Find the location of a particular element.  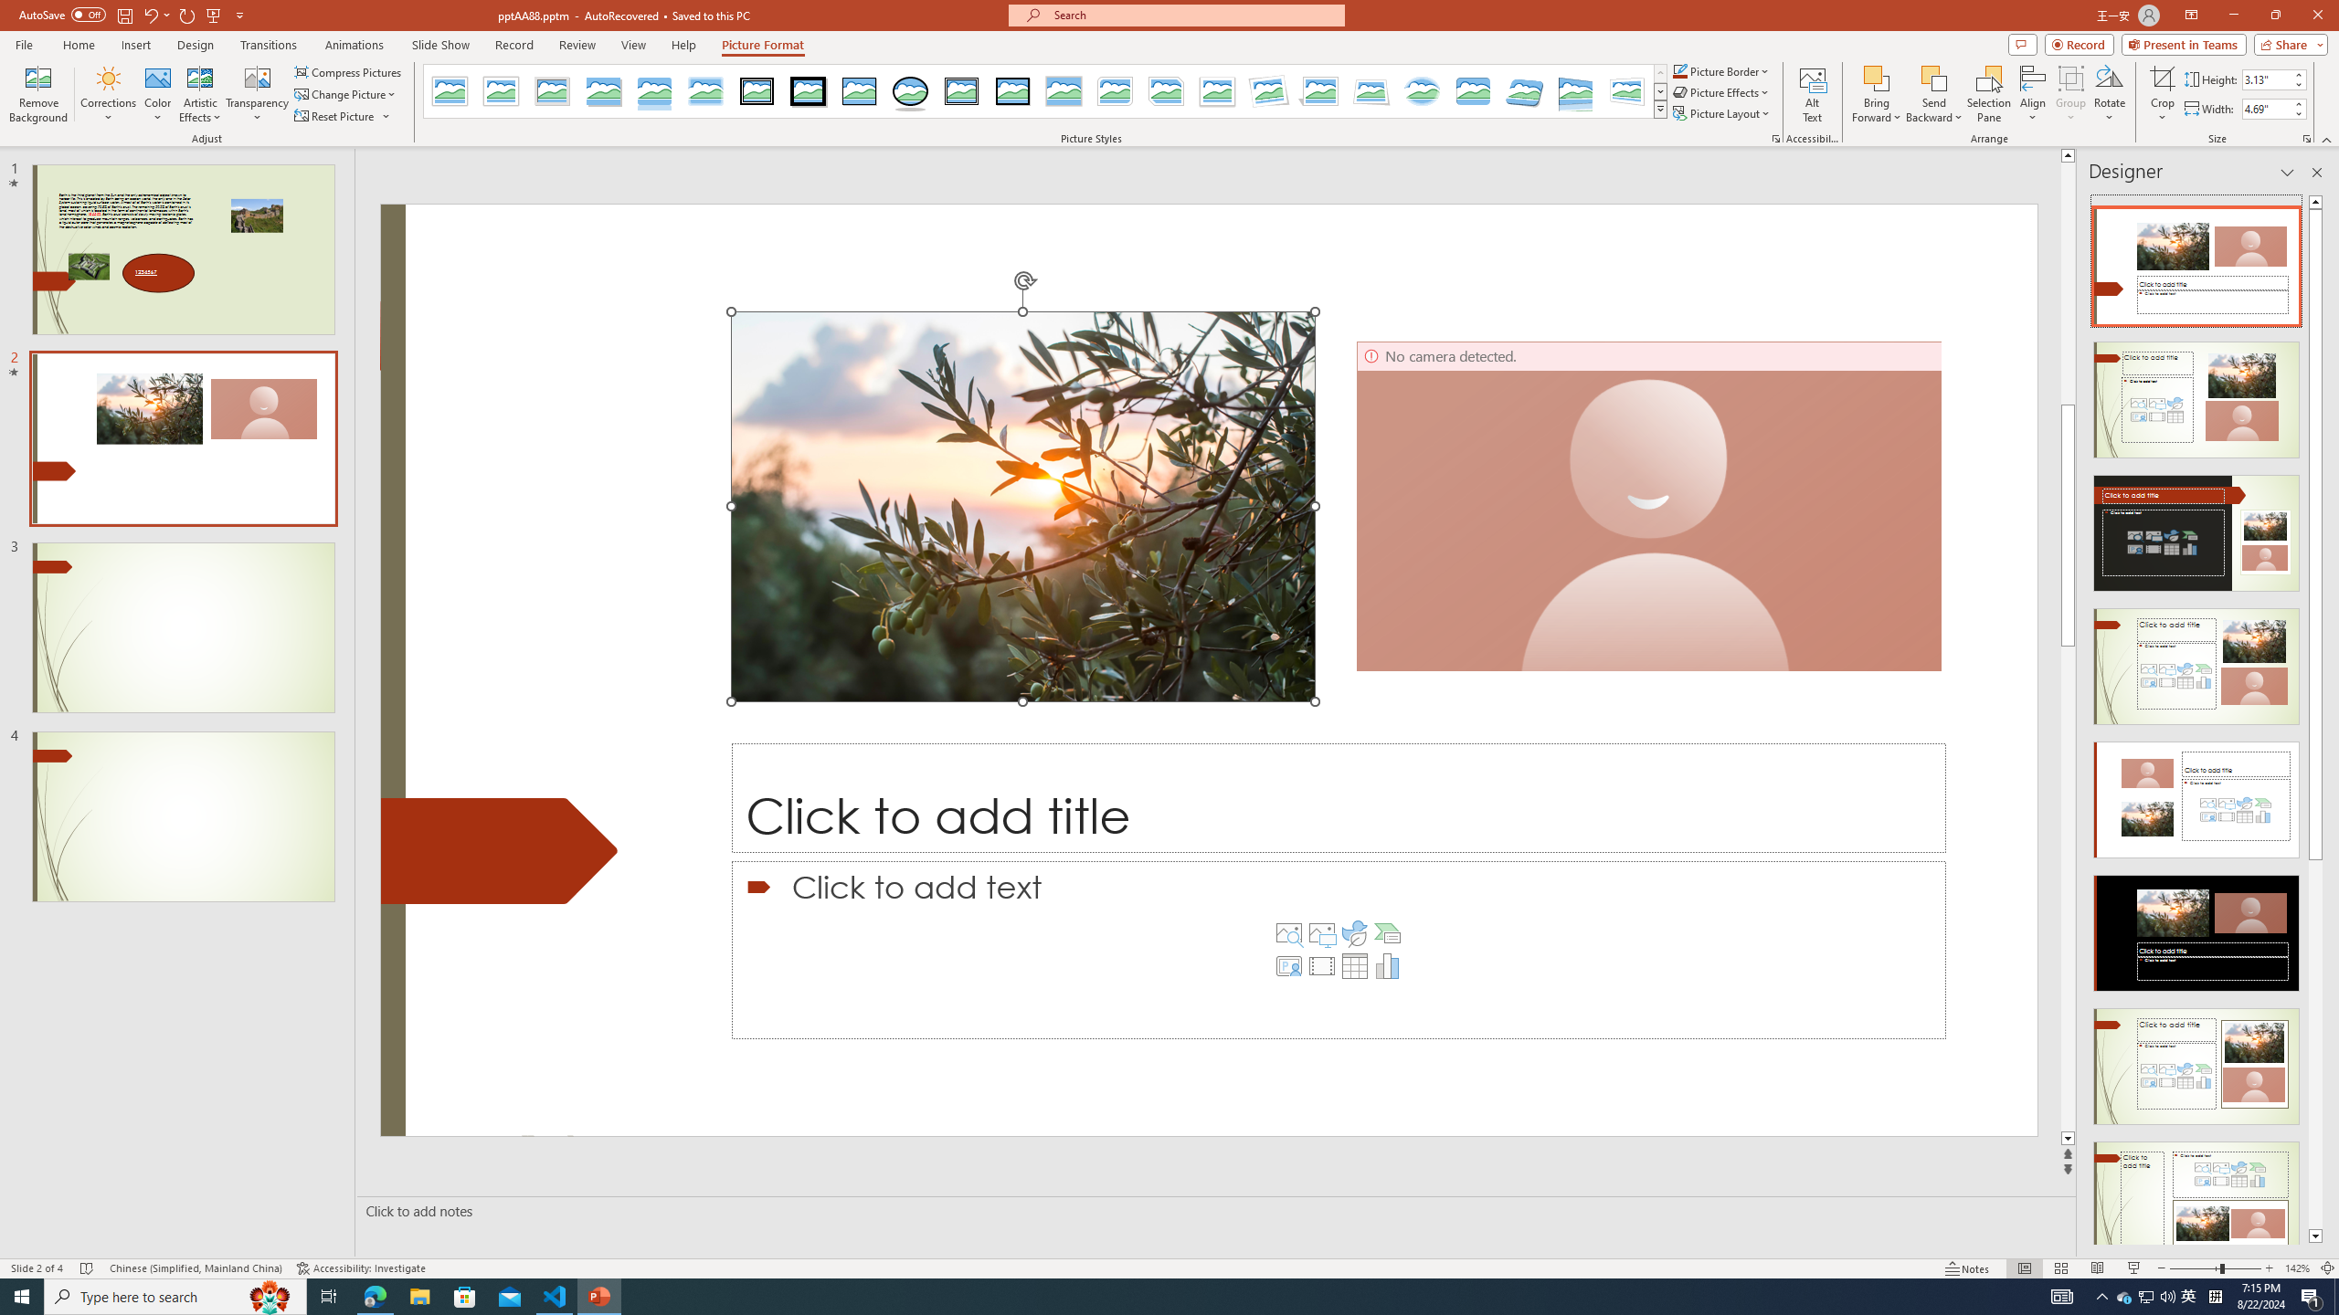

'Size and Position...' is located at coordinates (2305, 137).